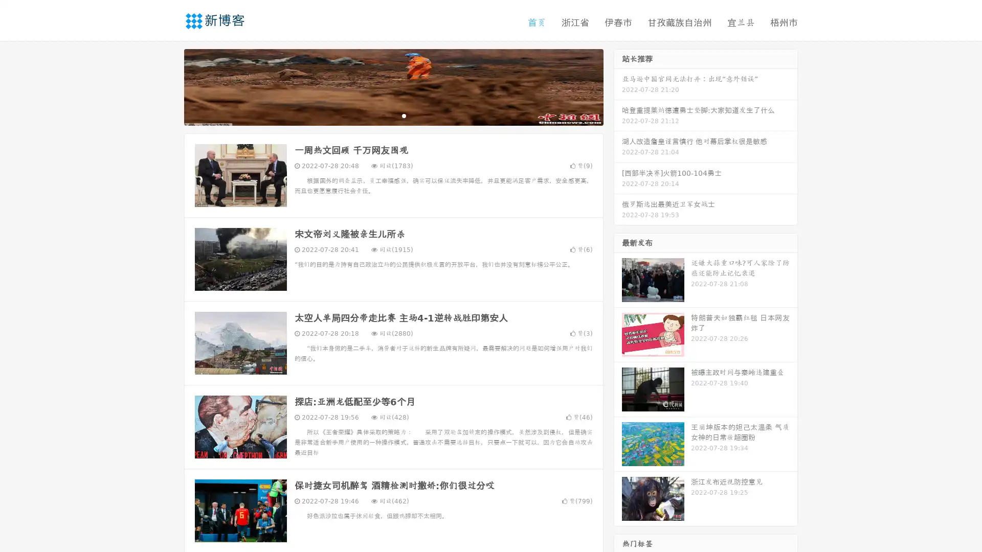 The height and width of the screenshot is (552, 982). What do you see at coordinates (393, 115) in the screenshot?
I see `Go to slide 2` at bounding box center [393, 115].